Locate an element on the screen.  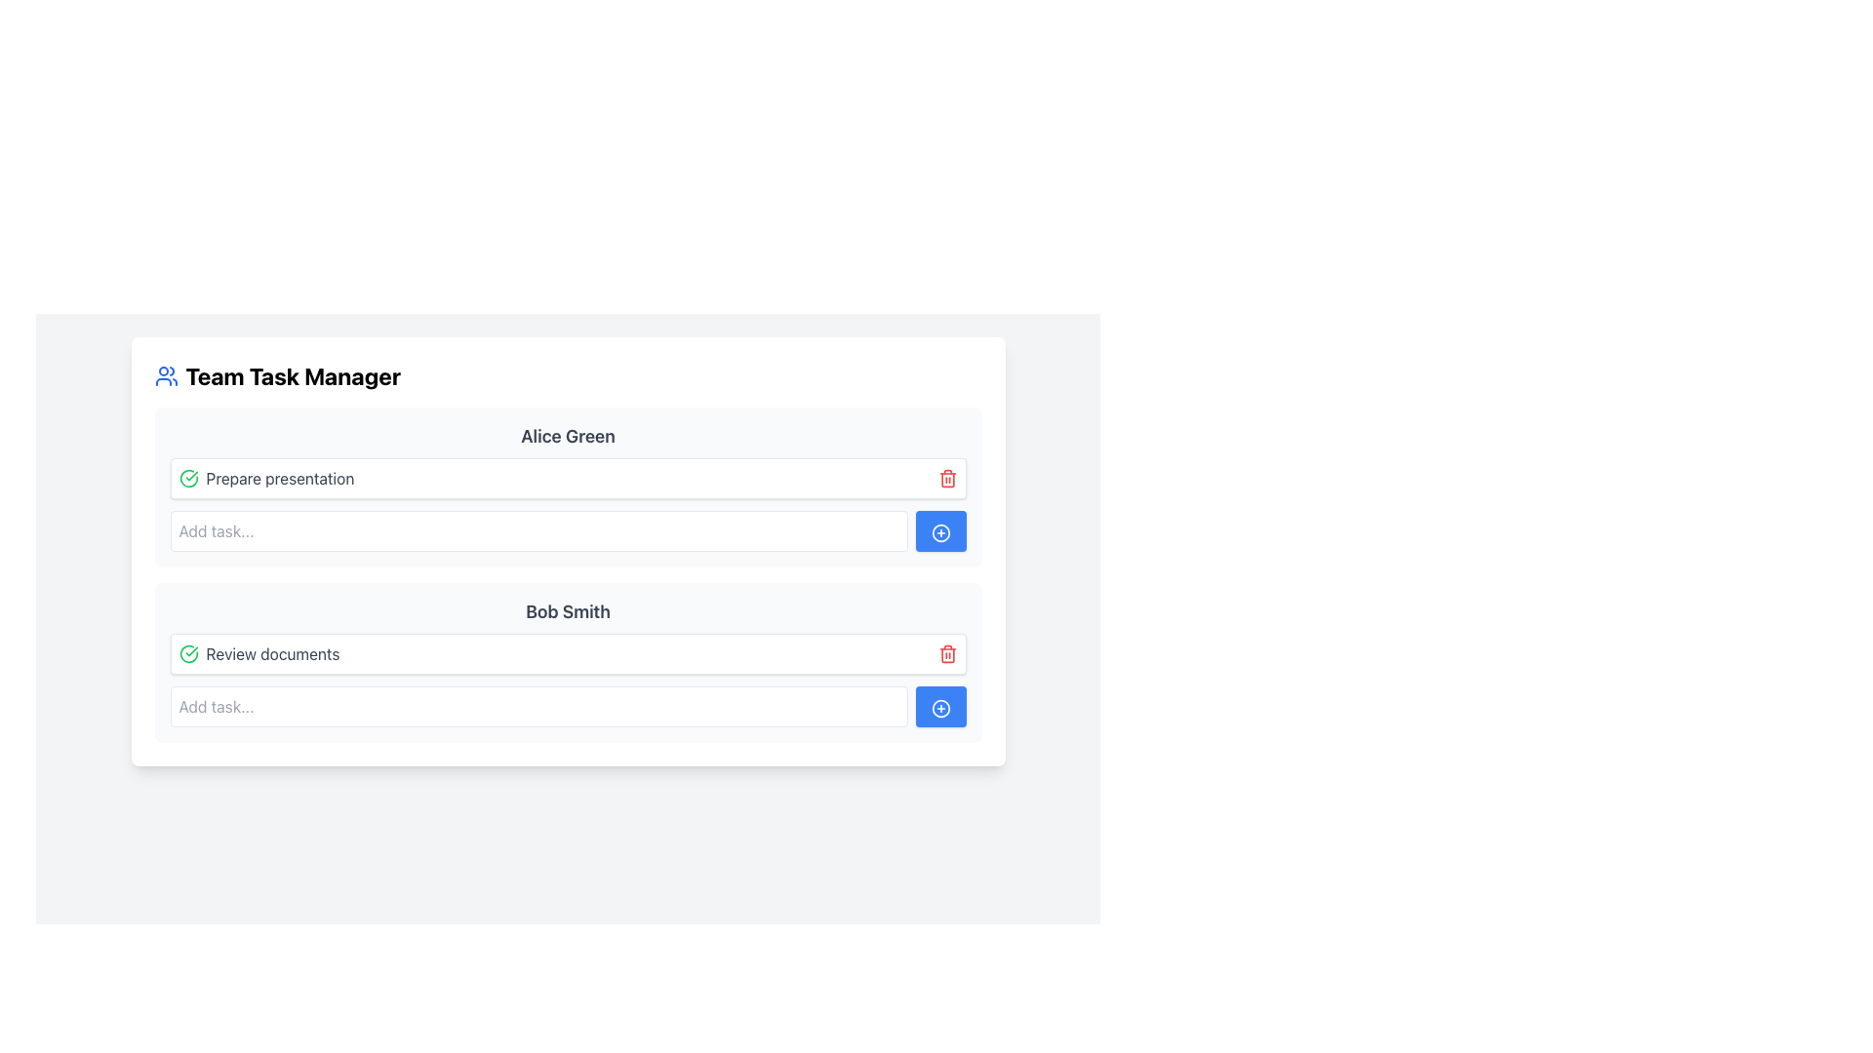
the text input field for adding a new task for 'Alice Green.' is located at coordinates (567, 530).